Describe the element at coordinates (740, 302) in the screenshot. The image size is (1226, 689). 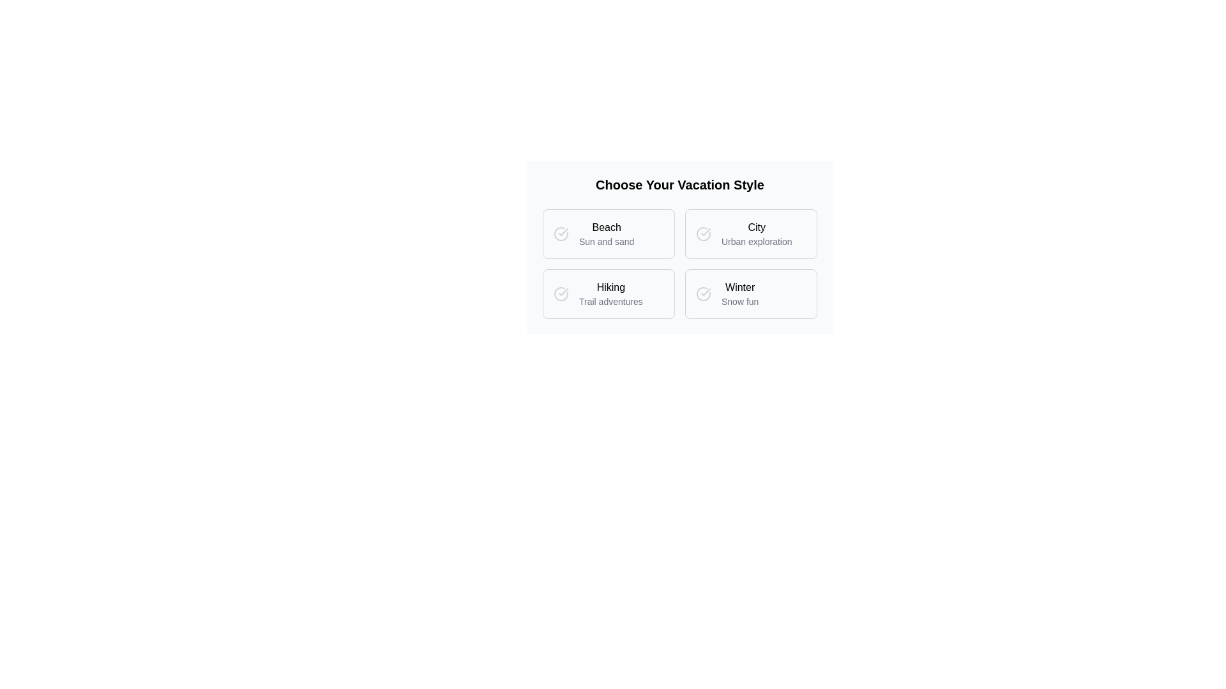
I see `text from the label element displaying 'Snow fun', which is styled in gray and positioned beneath the 'Winter' text within the vacation style selector section` at that location.